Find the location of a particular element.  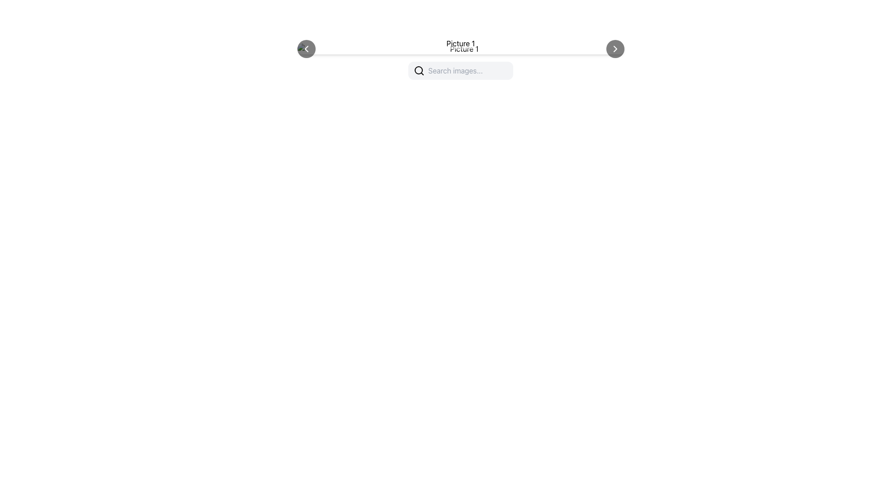

the search bar with placeholder text 'Search images...' is located at coordinates (461, 70).